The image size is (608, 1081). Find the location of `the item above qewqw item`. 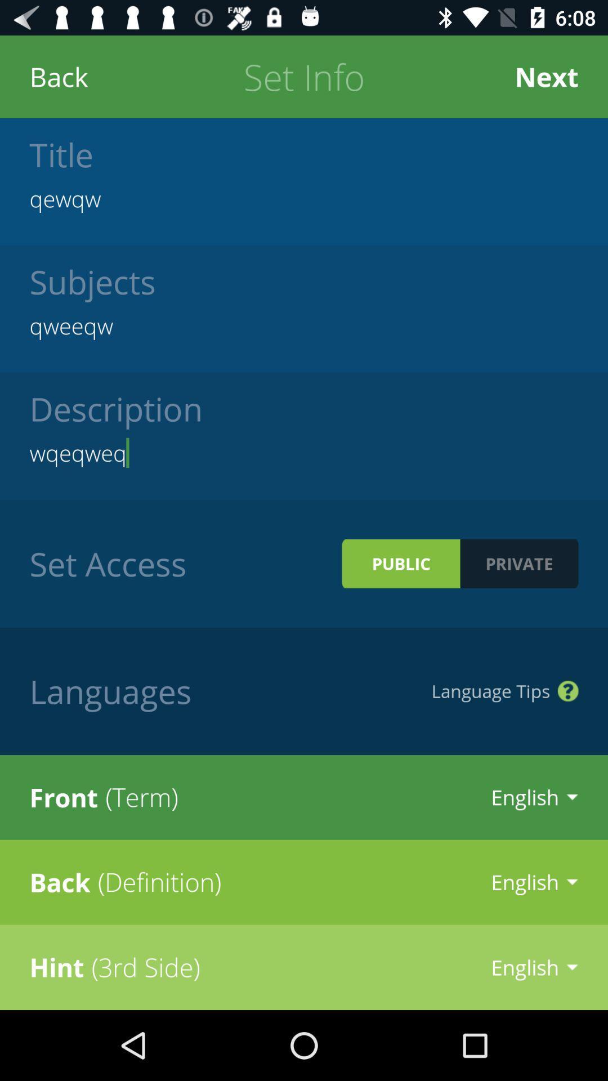

the item above qewqw item is located at coordinates (546, 76).